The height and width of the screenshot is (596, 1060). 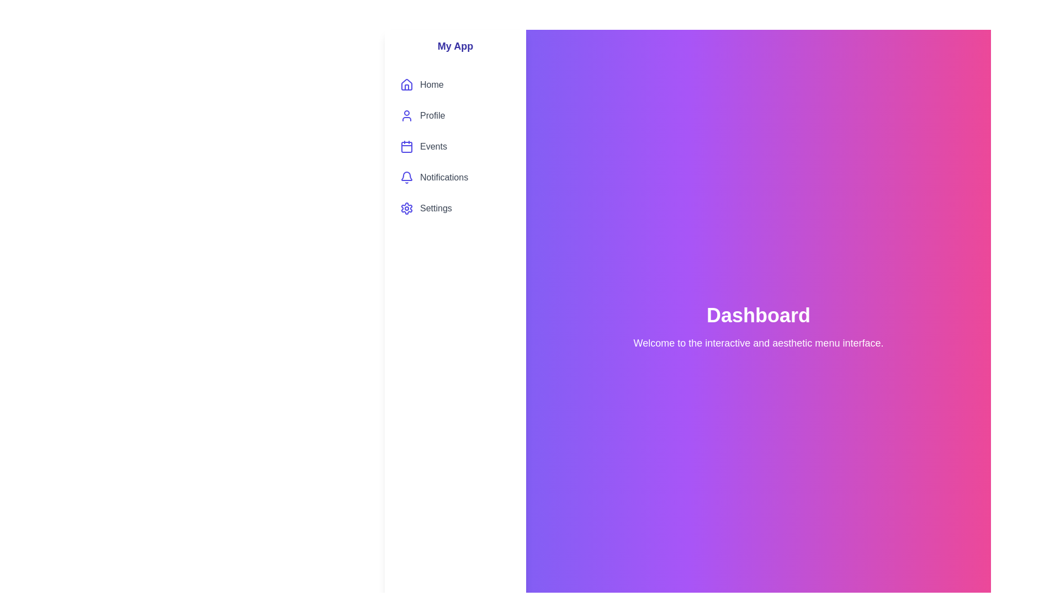 I want to click on the menu item labeled Settings to navigate to the corresponding section, so click(x=455, y=209).